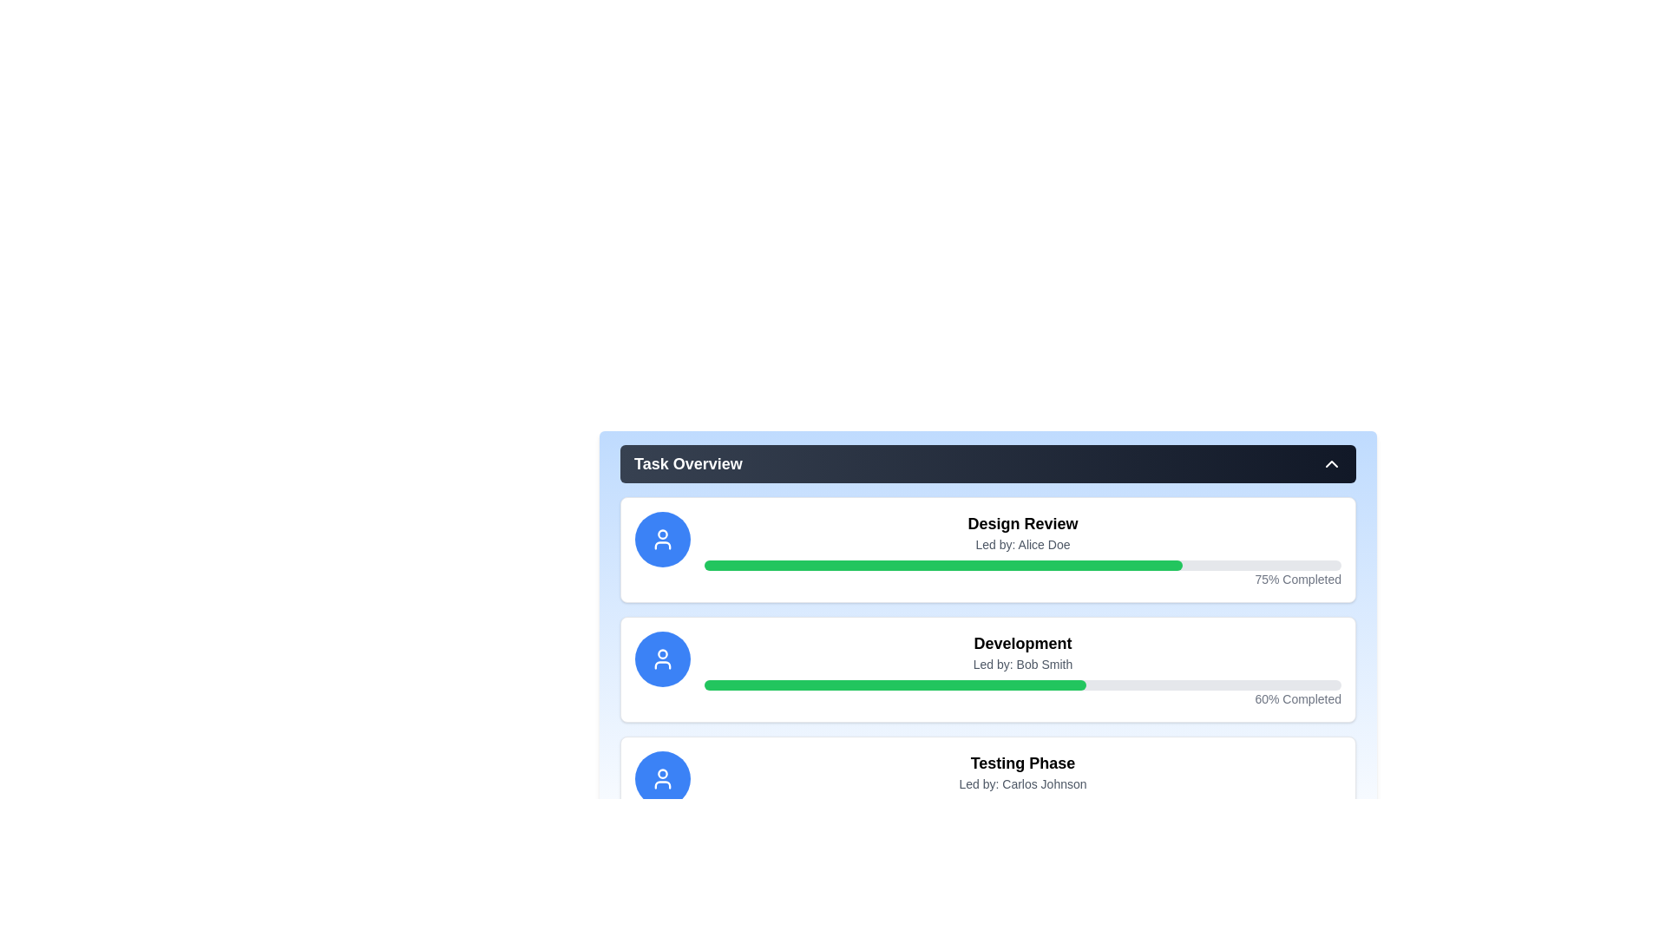  I want to click on the first user profile icon, which is a circular image with a blue background and a white user profile illustration, located at the top of the list next to the 'Design Review' task information, so click(661, 538).